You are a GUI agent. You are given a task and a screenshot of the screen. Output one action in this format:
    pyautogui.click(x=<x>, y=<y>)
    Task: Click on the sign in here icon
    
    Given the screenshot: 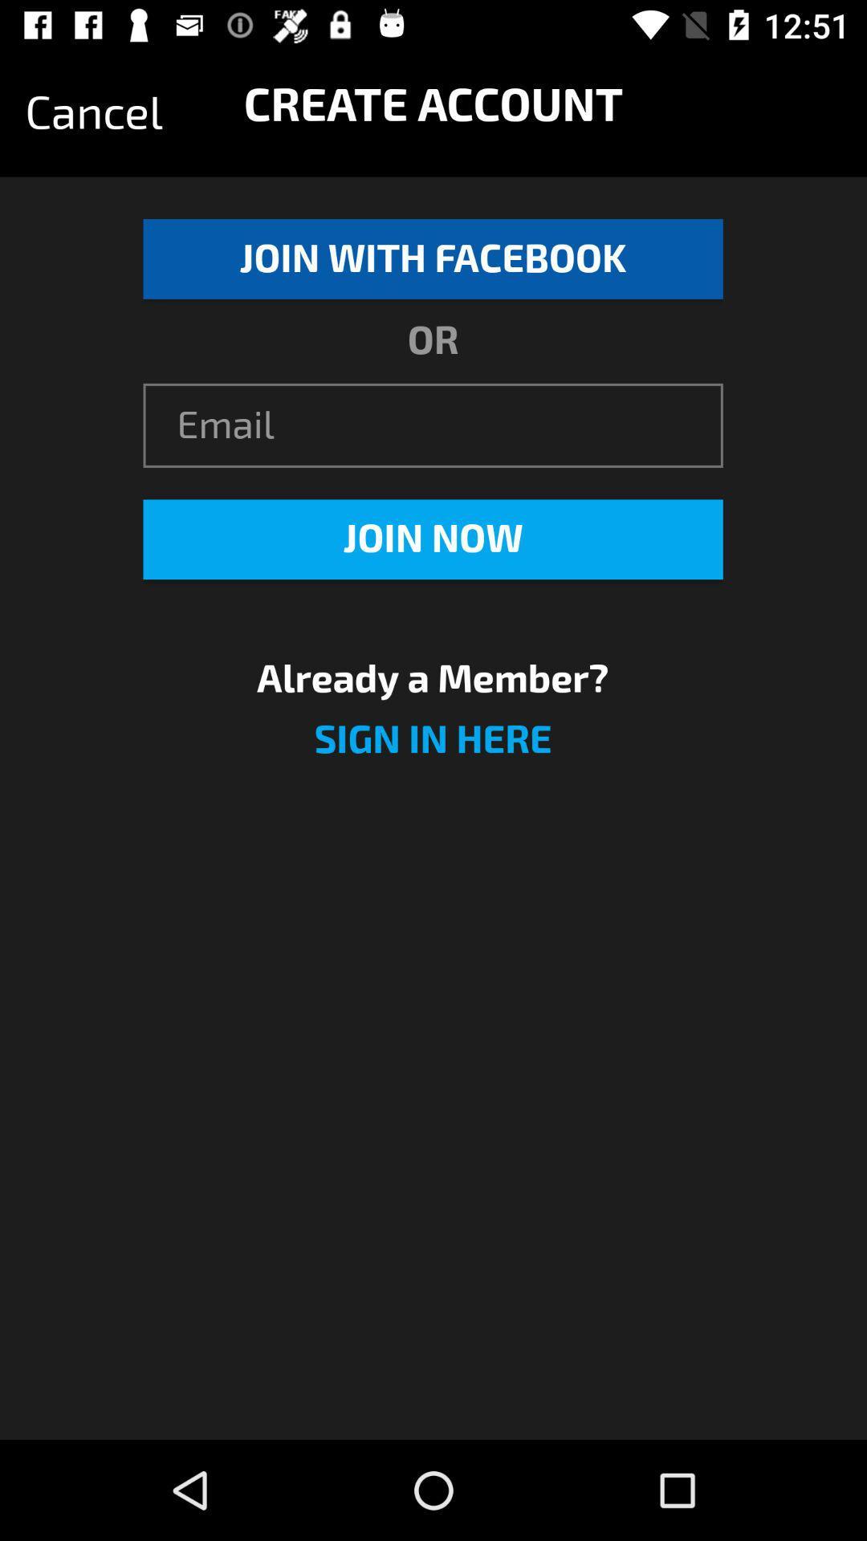 What is the action you would take?
    pyautogui.click(x=432, y=749)
    